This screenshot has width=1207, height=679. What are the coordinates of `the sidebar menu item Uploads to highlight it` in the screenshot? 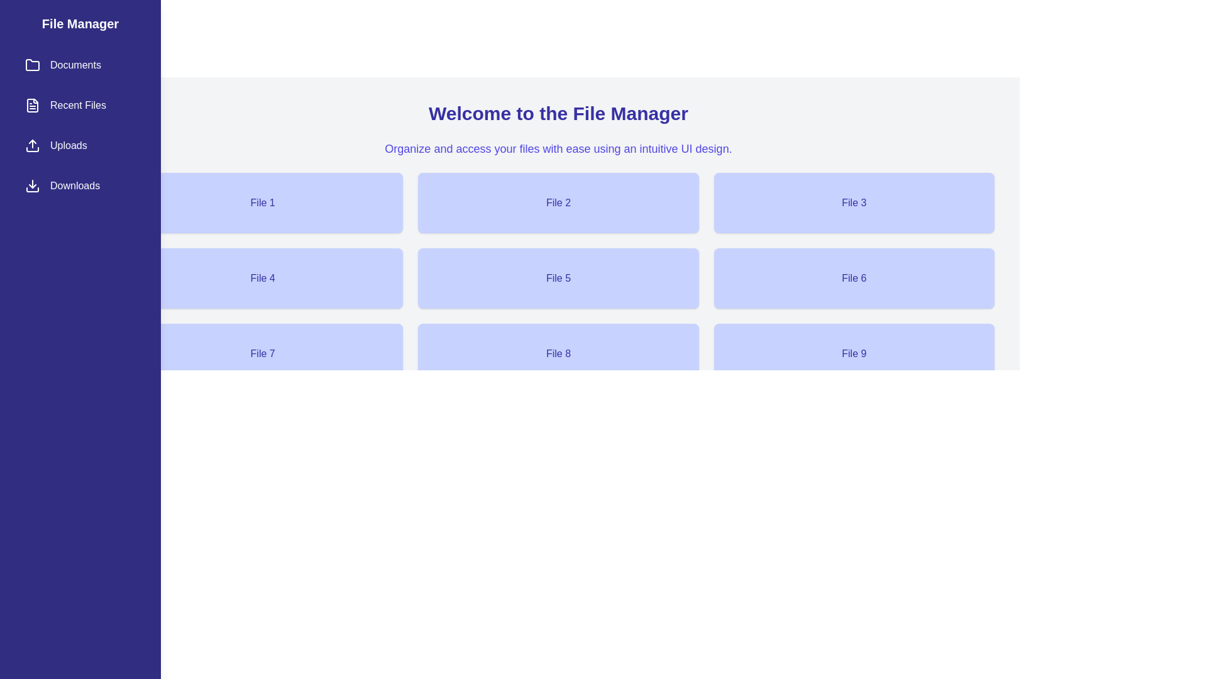 It's located at (80, 145).